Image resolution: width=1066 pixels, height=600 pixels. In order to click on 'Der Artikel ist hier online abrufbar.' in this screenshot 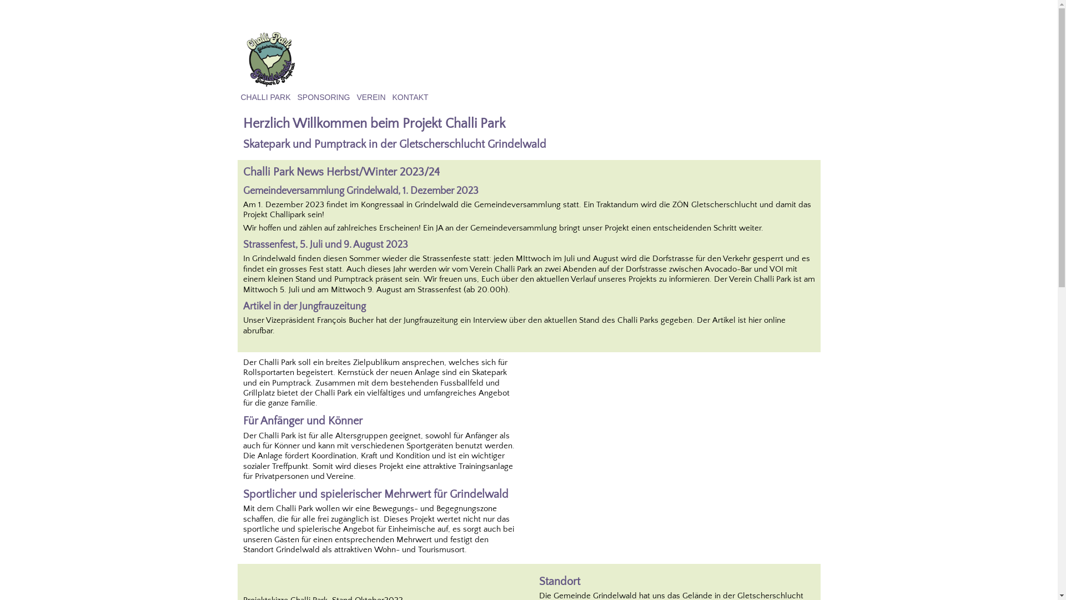, I will do `click(514, 325)`.